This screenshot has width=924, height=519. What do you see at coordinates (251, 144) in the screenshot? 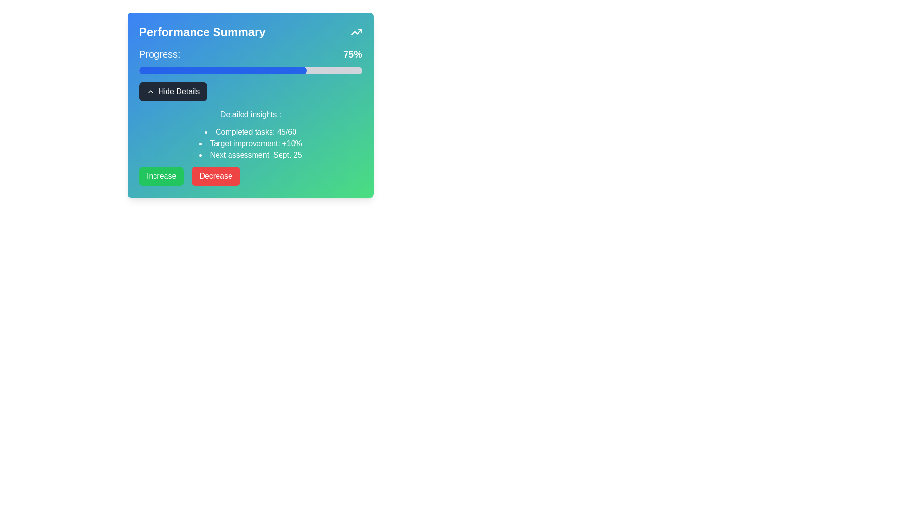
I see `text label that provides static information about the target improvement value, located centrally in the Performance Summary frame under the 'Detailed insights' section` at bounding box center [251, 144].